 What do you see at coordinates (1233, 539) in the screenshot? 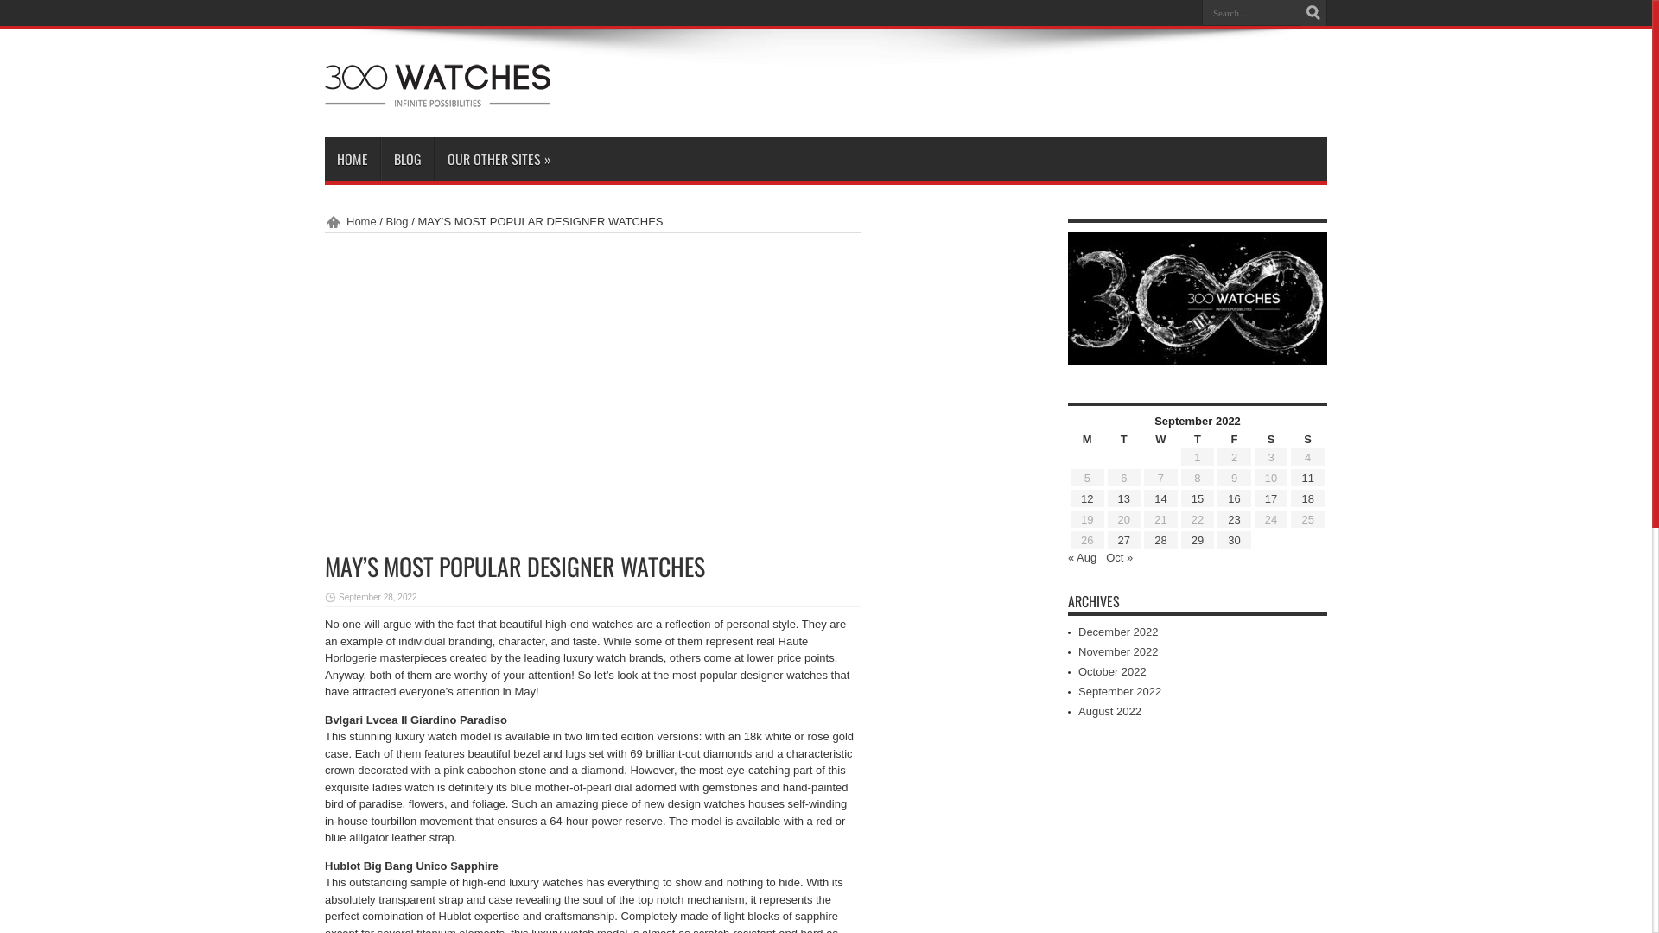
I see `'30'` at bounding box center [1233, 539].